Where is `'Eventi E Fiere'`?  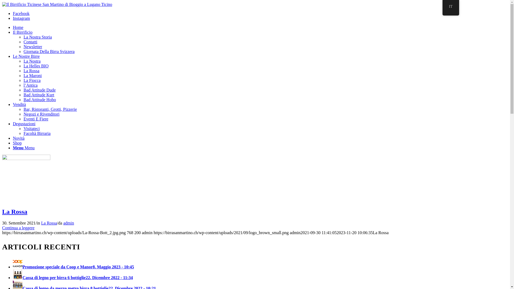
'Eventi E Fiere' is located at coordinates (36, 119).